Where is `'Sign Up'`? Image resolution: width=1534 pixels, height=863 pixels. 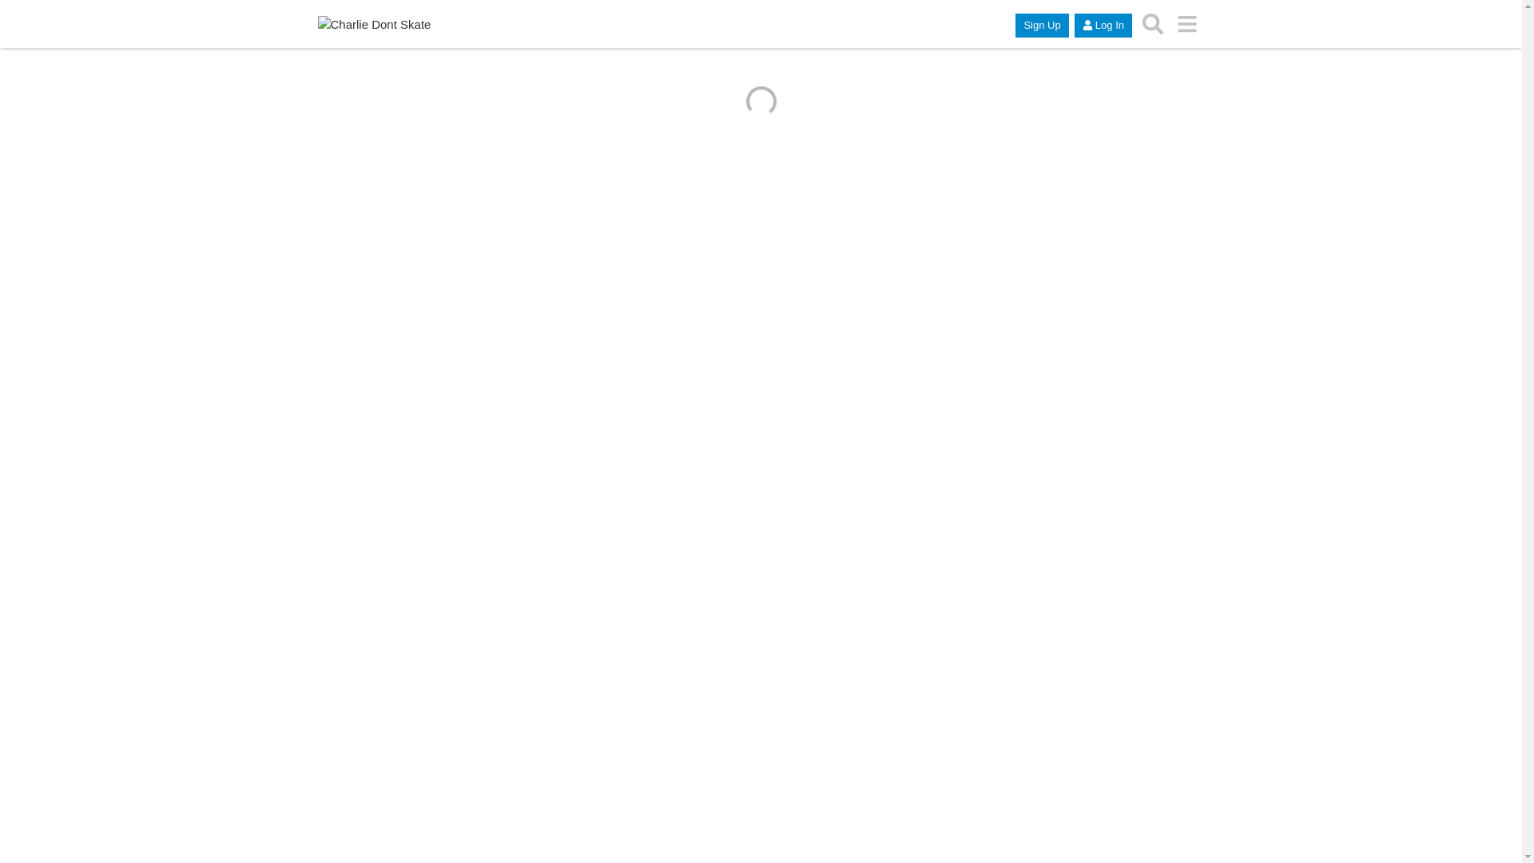
'Sign Up' is located at coordinates (1042, 24).